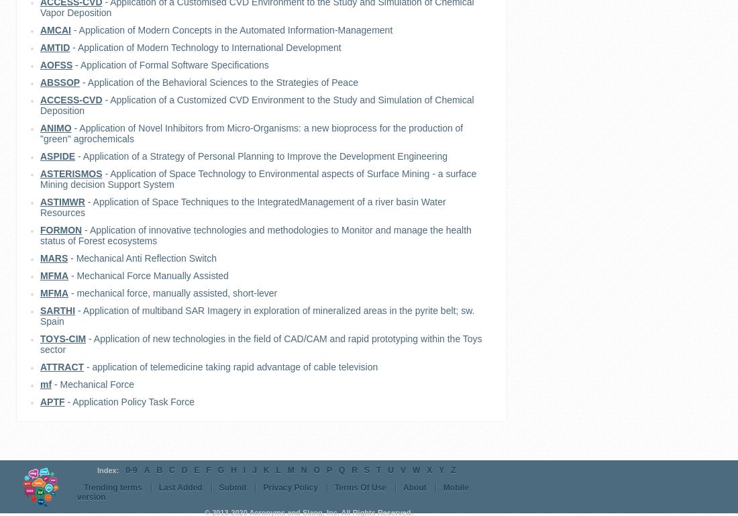 The width and height of the screenshot is (738, 516). Describe the element at coordinates (71, 172) in the screenshot. I see `'ASTERISMOS'` at that location.